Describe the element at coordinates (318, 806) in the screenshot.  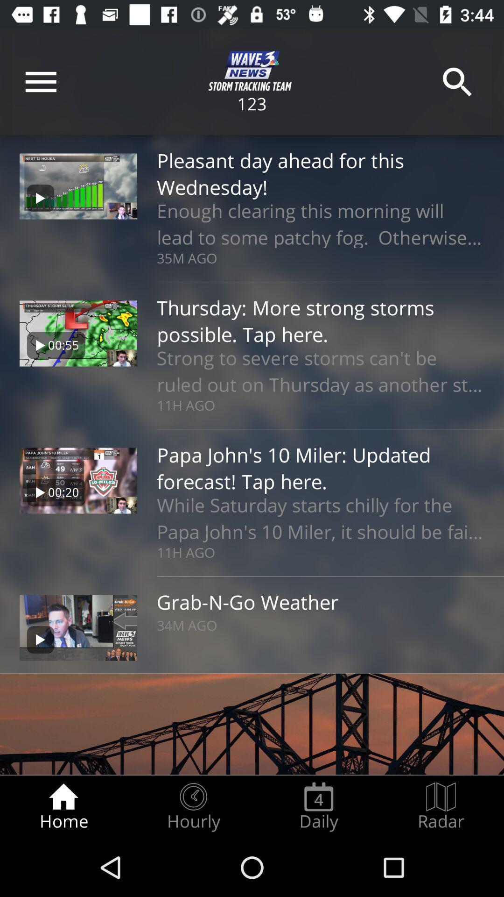
I see `item to the right of the hourly icon` at that location.